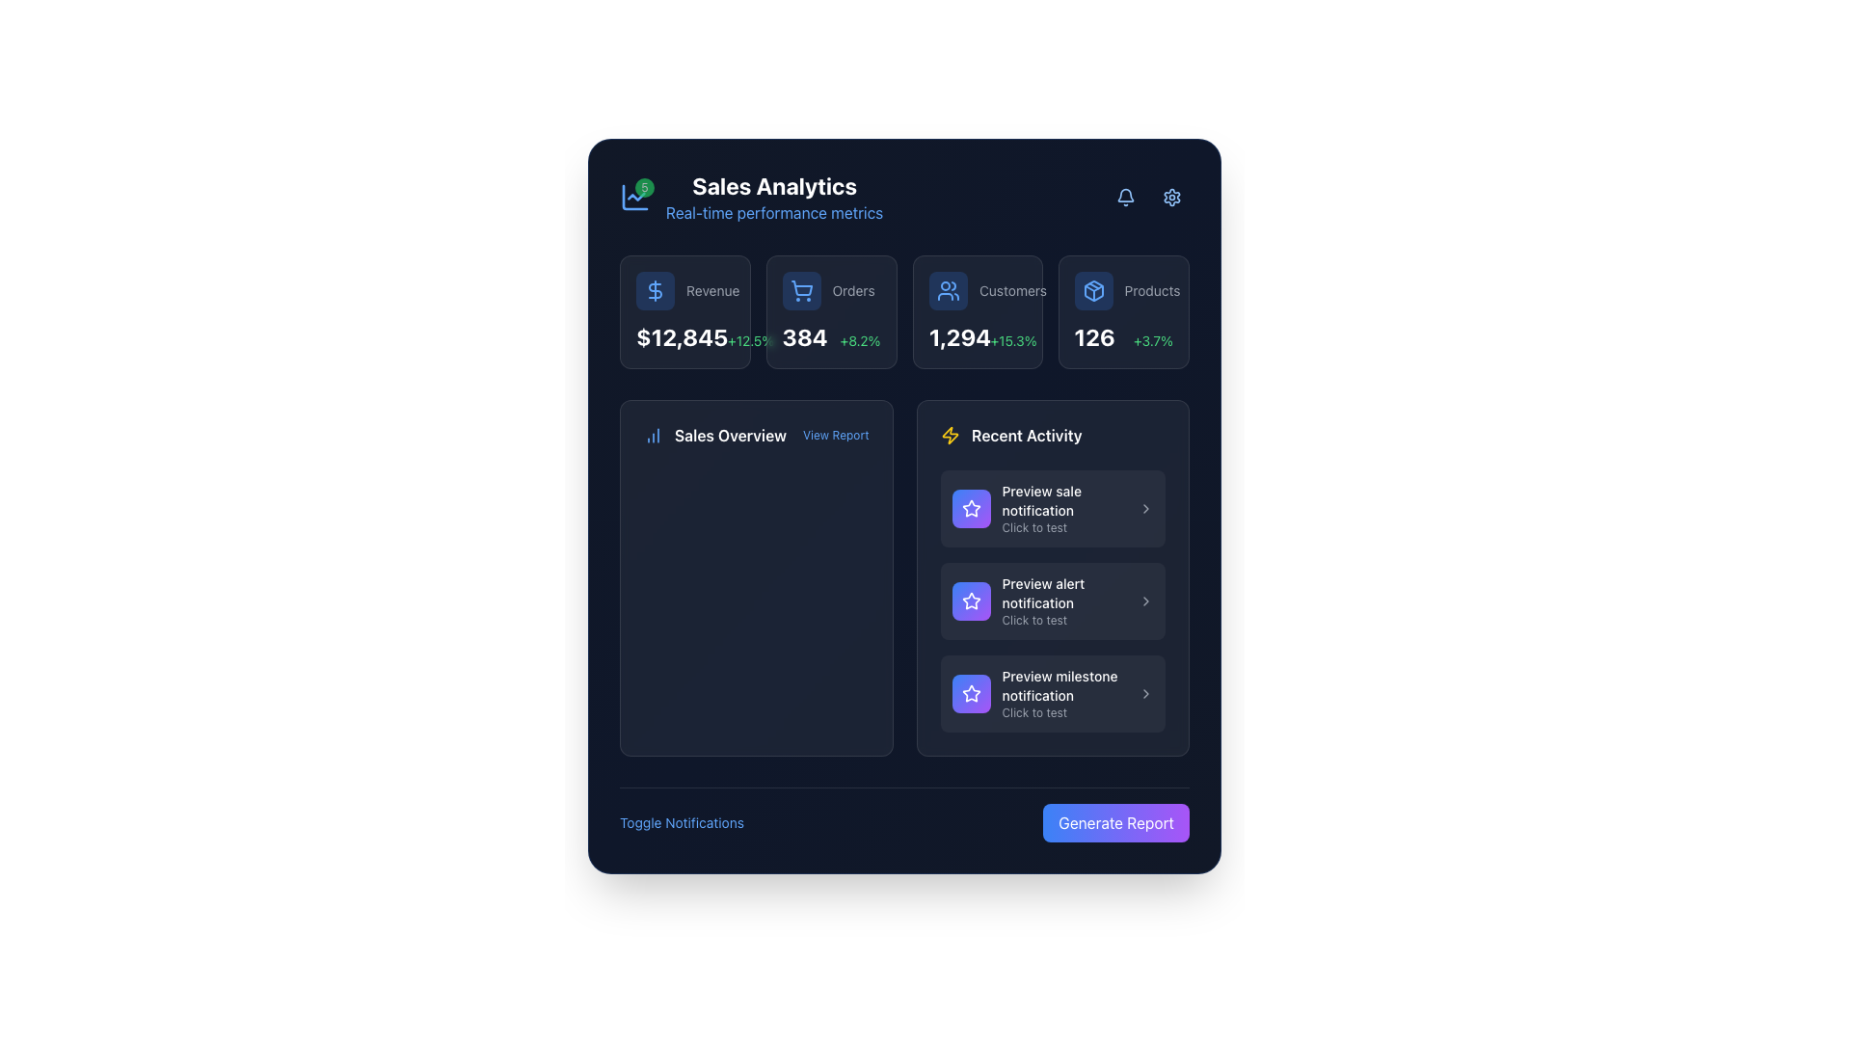 Image resolution: width=1851 pixels, height=1041 pixels. What do you see at coordinates (971, 601) in the screenshot?
I see `the decorative icon representing a 'favorite' or noteworthy item located next to the 'Preview sale notification' text in the 'Recent Activity' section` at bounding box center [971, 601].